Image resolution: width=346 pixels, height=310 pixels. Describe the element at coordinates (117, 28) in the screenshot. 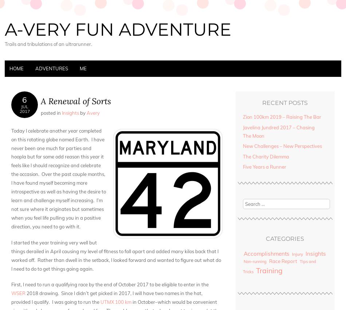

I see `'A-very Fun Adventure'` at that location.